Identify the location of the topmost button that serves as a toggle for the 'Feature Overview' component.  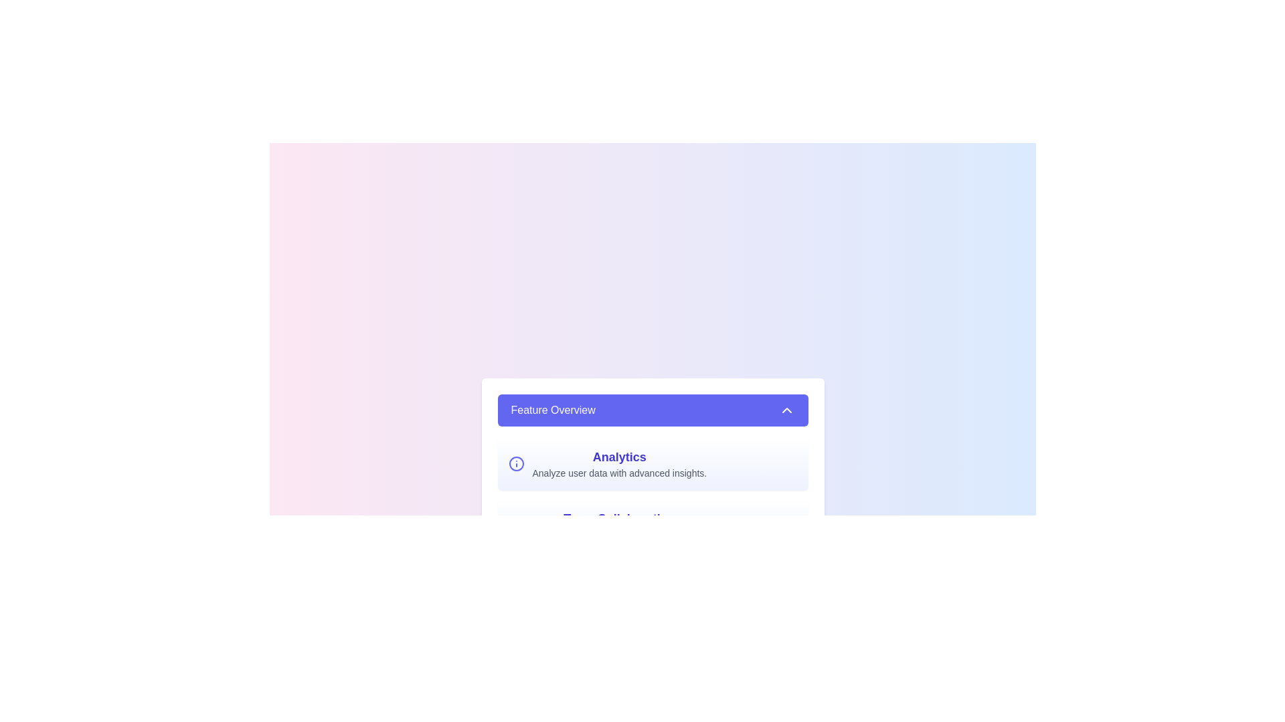
(653, 409).